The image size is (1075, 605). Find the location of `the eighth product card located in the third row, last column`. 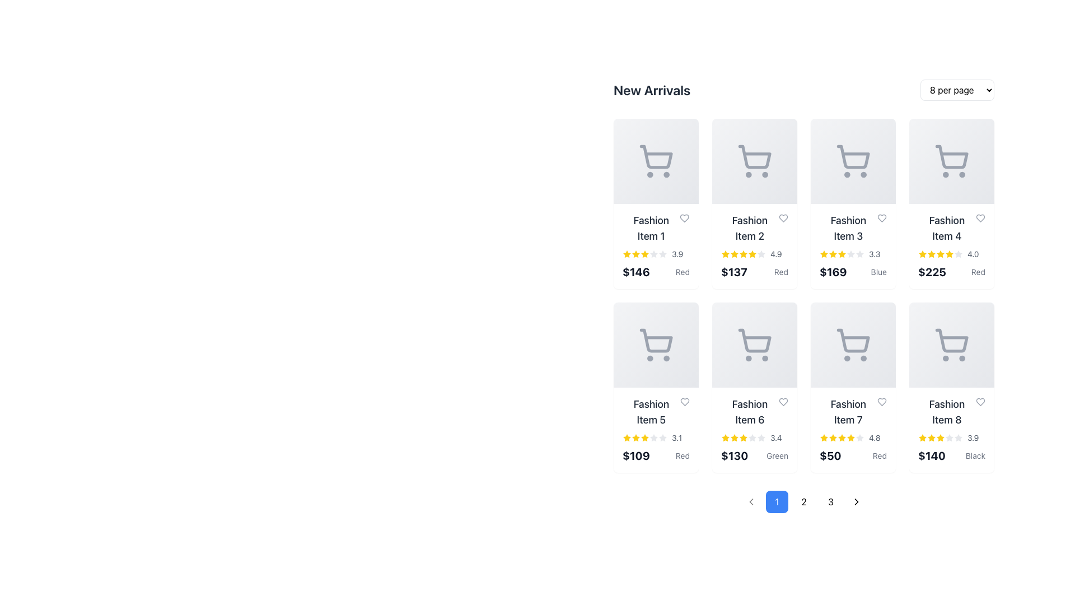

the eighth product card located in the third row, last column is located at coordinates (951, 429).